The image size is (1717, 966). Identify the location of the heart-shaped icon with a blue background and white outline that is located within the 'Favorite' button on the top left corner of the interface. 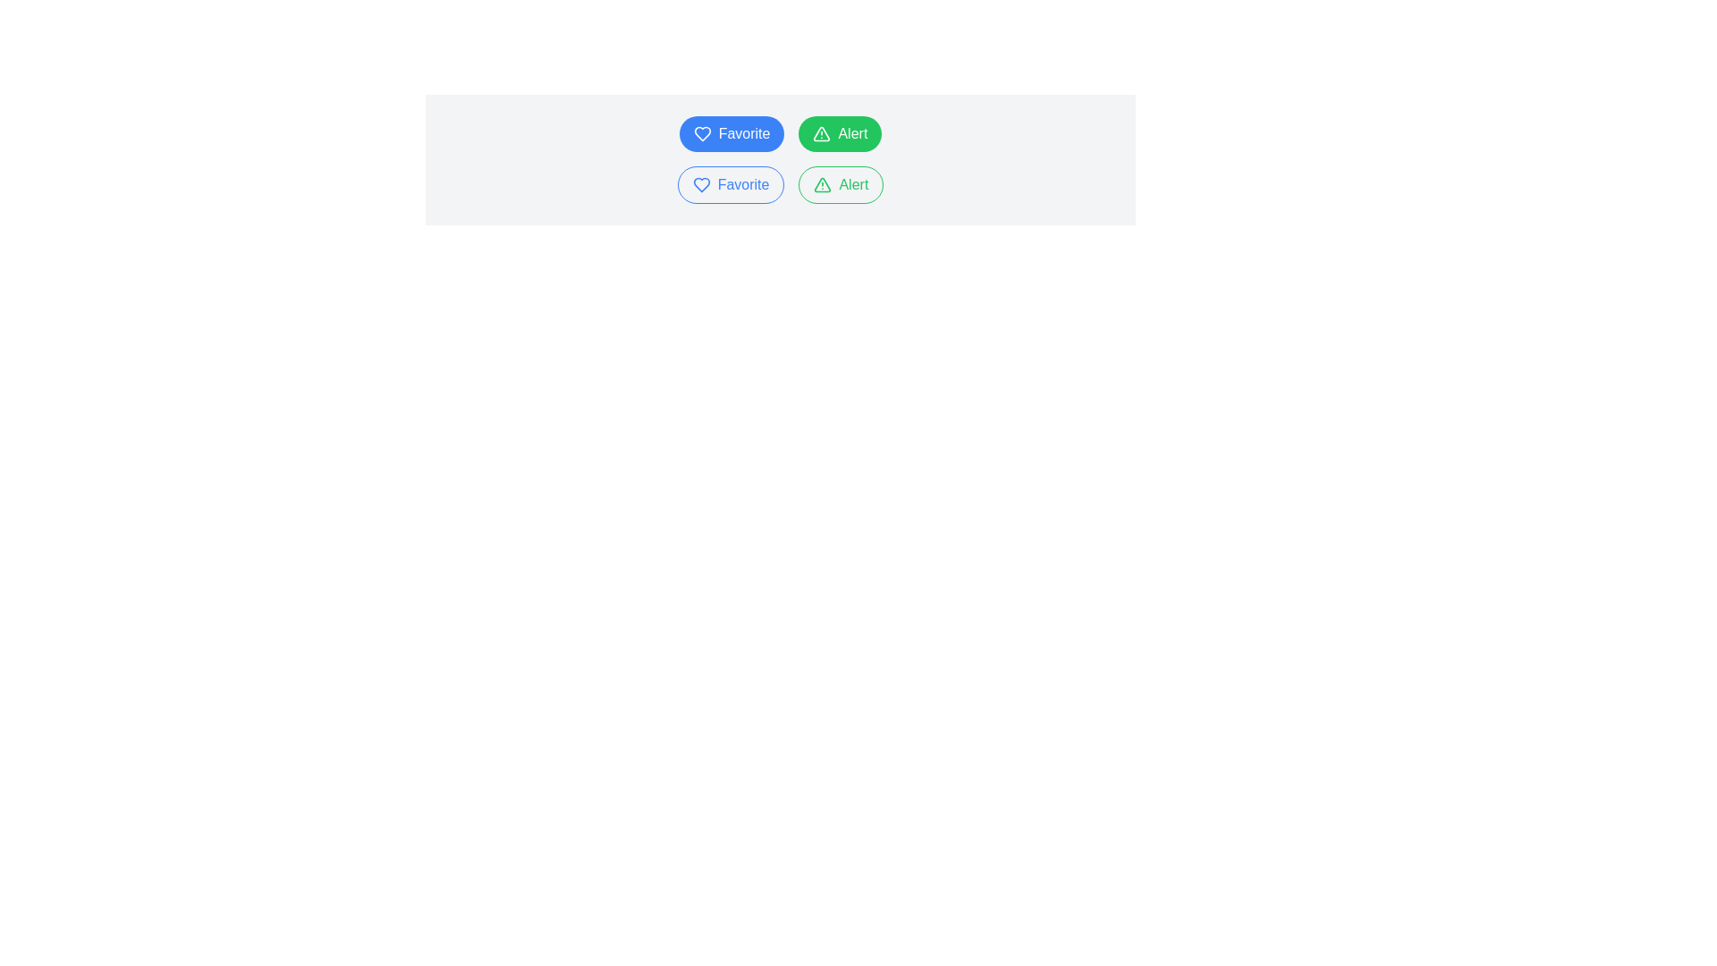
(701, 133).